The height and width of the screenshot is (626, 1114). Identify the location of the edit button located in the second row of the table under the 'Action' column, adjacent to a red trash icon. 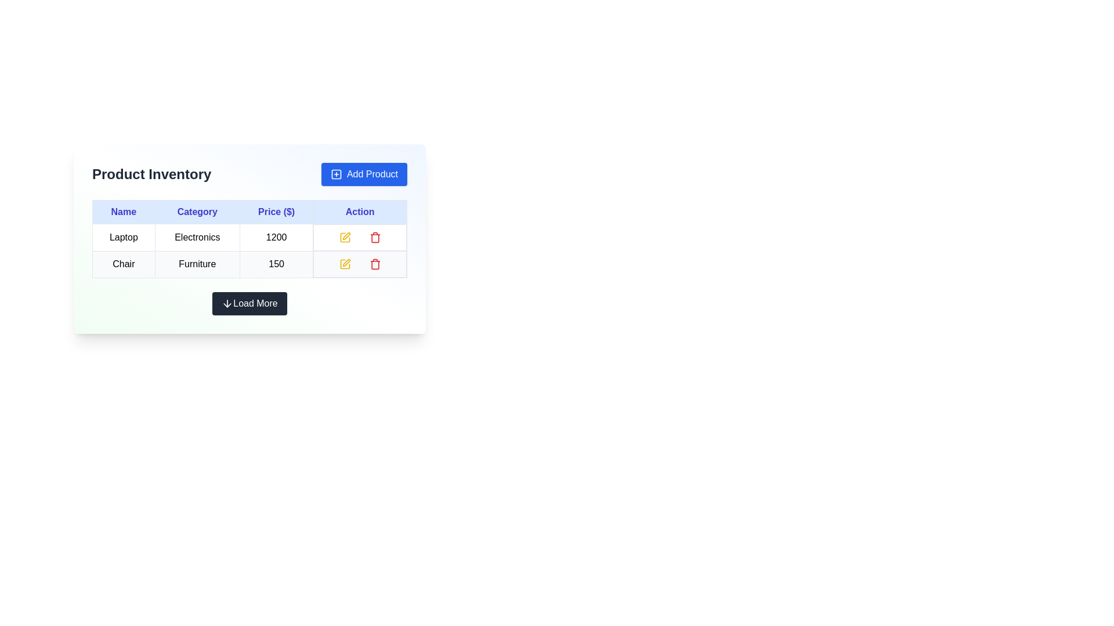
(344, 264).